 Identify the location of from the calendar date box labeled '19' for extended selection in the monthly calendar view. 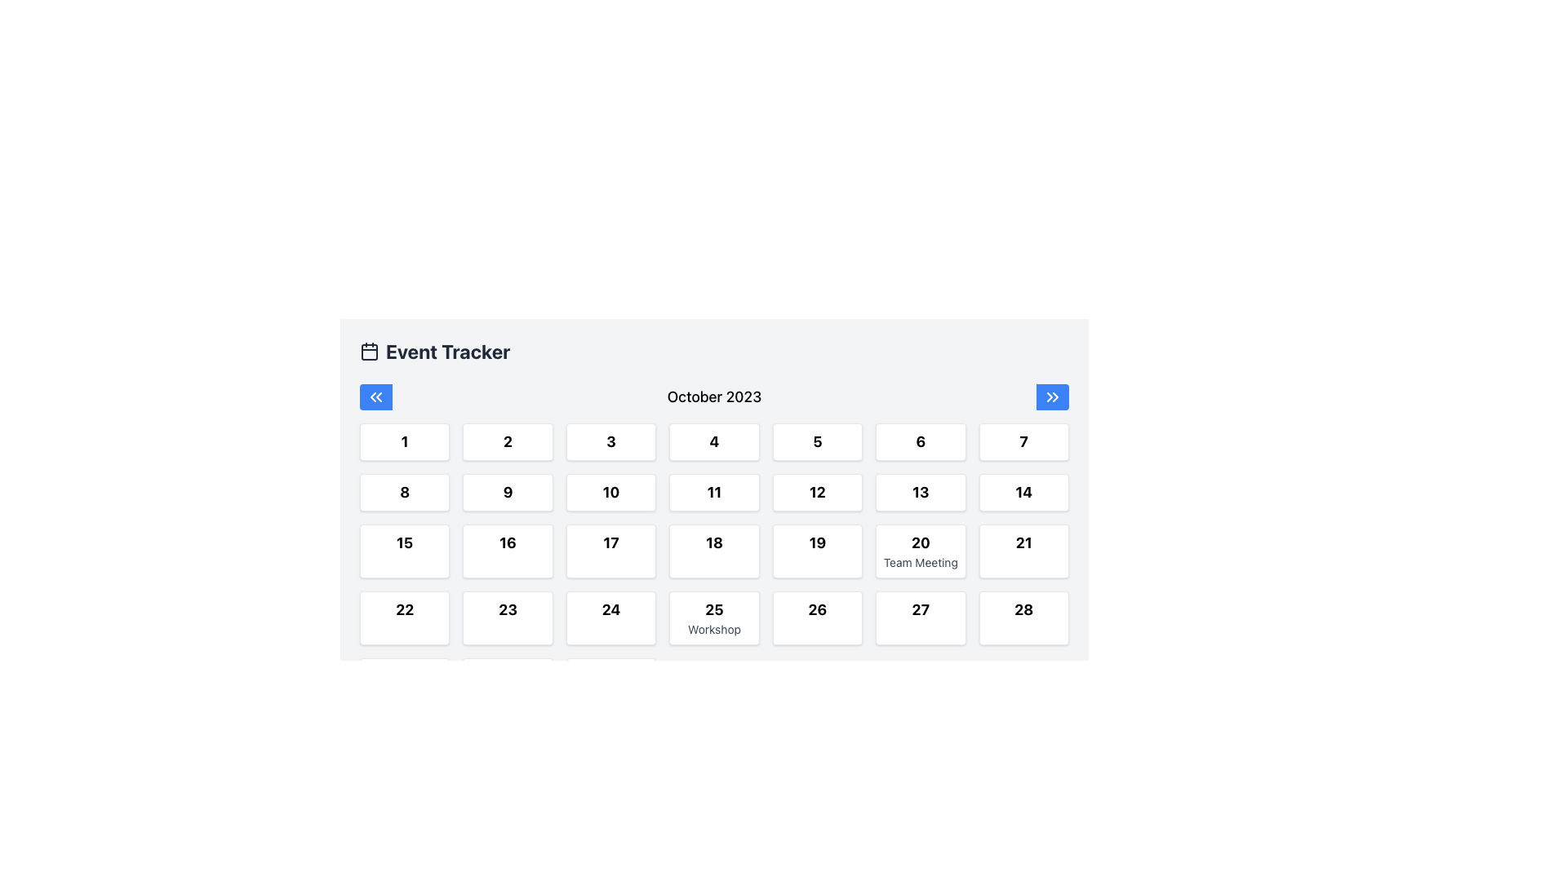
(817, 551).